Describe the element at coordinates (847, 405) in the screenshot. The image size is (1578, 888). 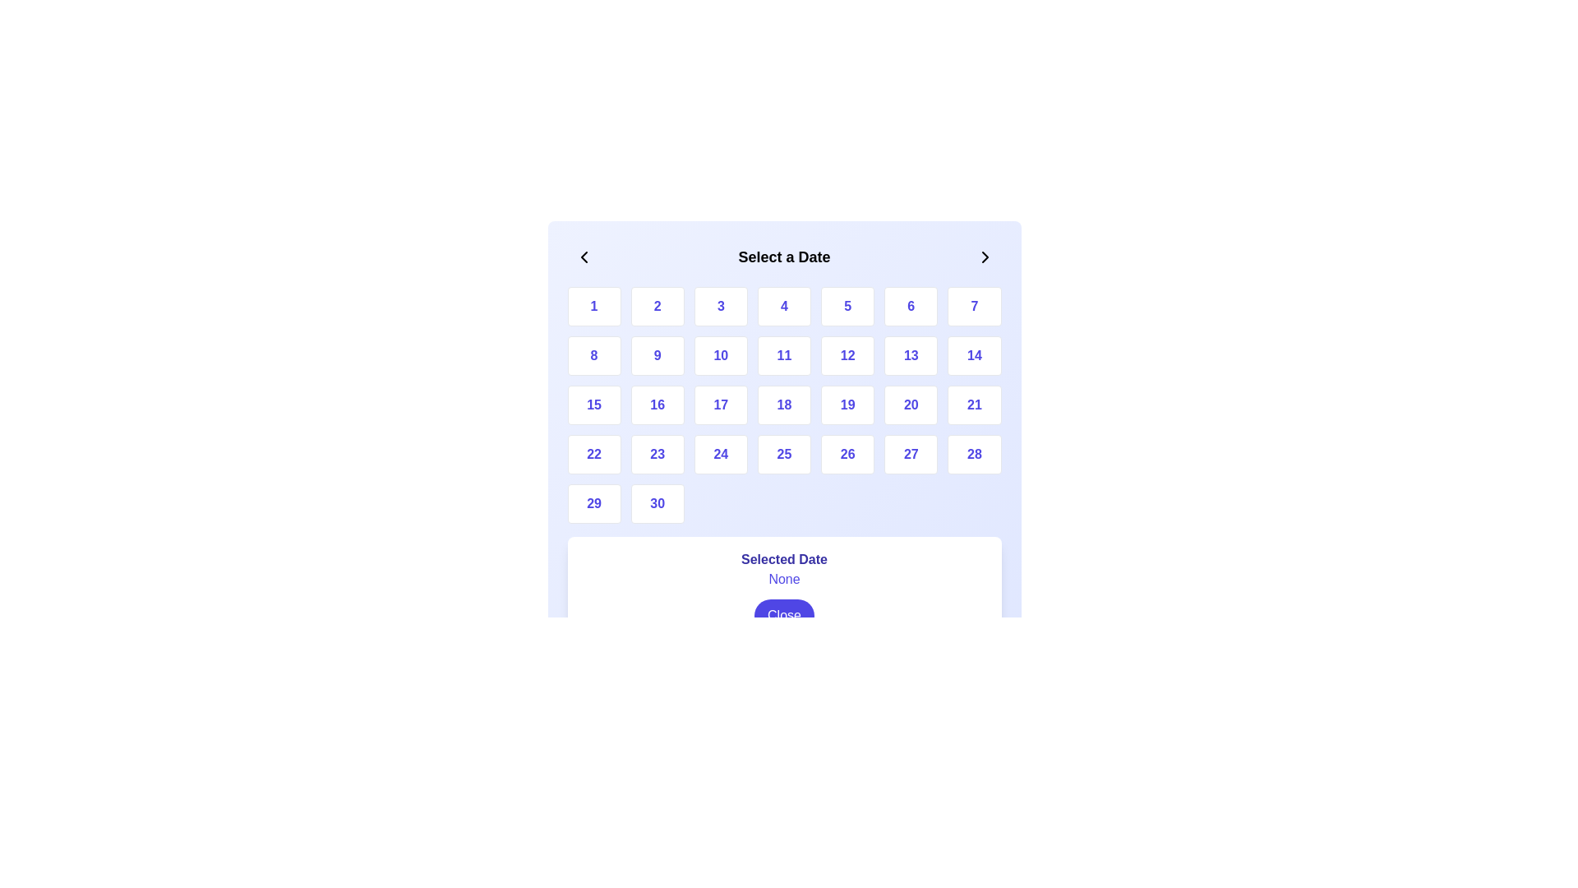
I see `the button that allows the user to select the date '19' in the calendar interface for keyboard navigation` at that location.